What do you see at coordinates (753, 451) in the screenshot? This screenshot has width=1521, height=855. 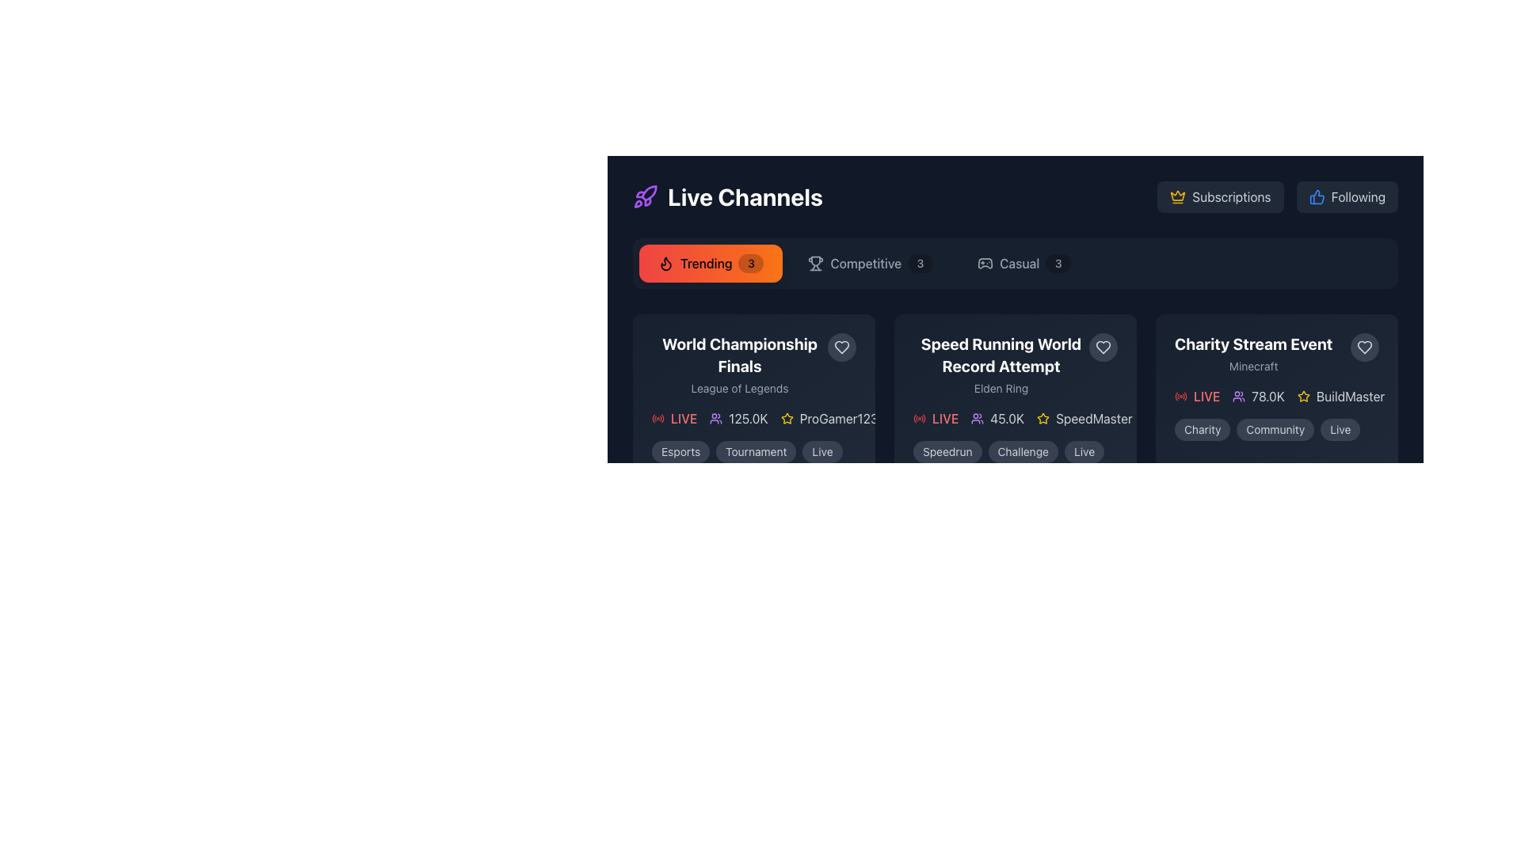 I see `the Static label consisting of three rounded rectangular badges labeled 'Esports,' 'Tournament,' and 'Live' positioned at the bottom of a card for a live streaming channel` at bounding box center [753, 451].